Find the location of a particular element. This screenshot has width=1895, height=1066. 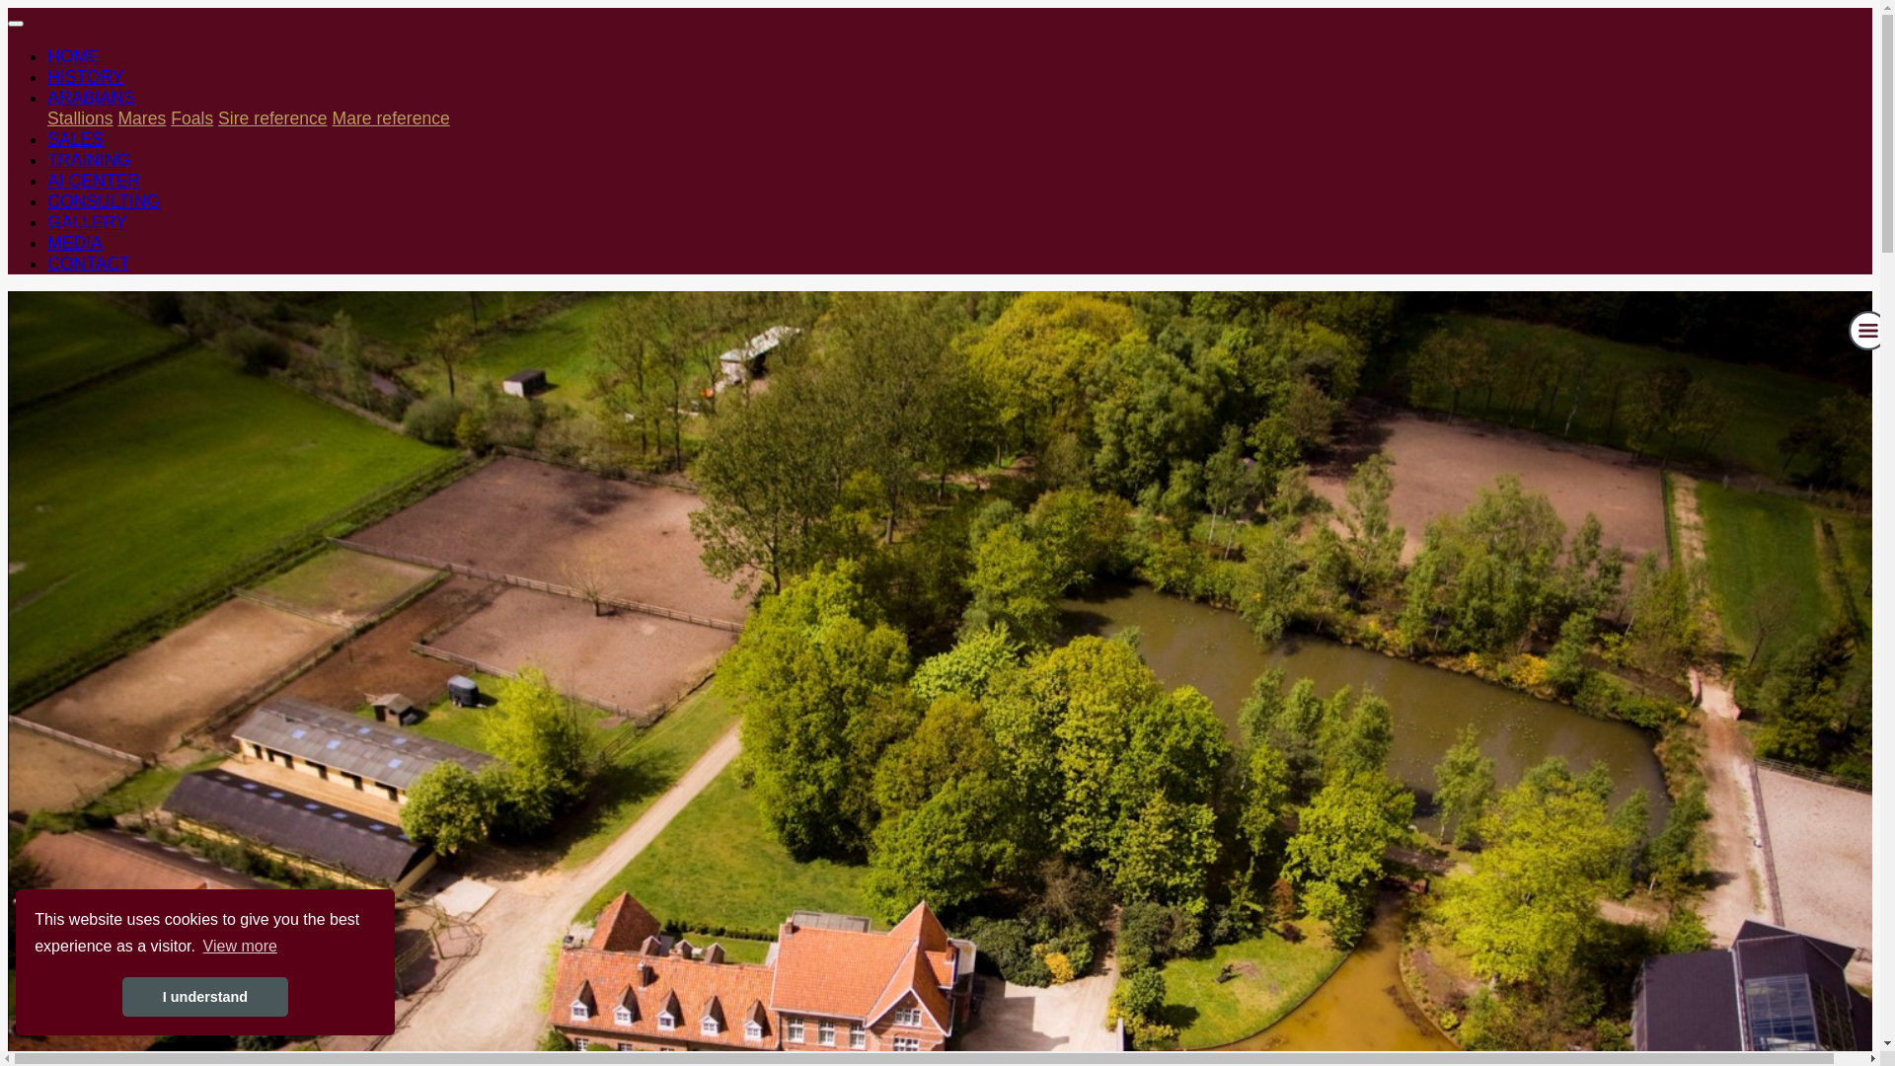

'GALLERY' is located at coordinates (86, 221).